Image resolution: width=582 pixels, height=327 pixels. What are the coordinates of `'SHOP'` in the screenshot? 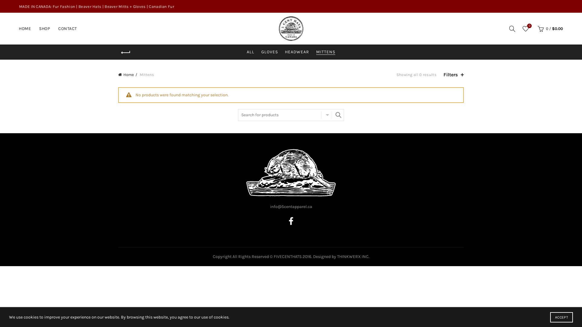 It's located at (44, 28).